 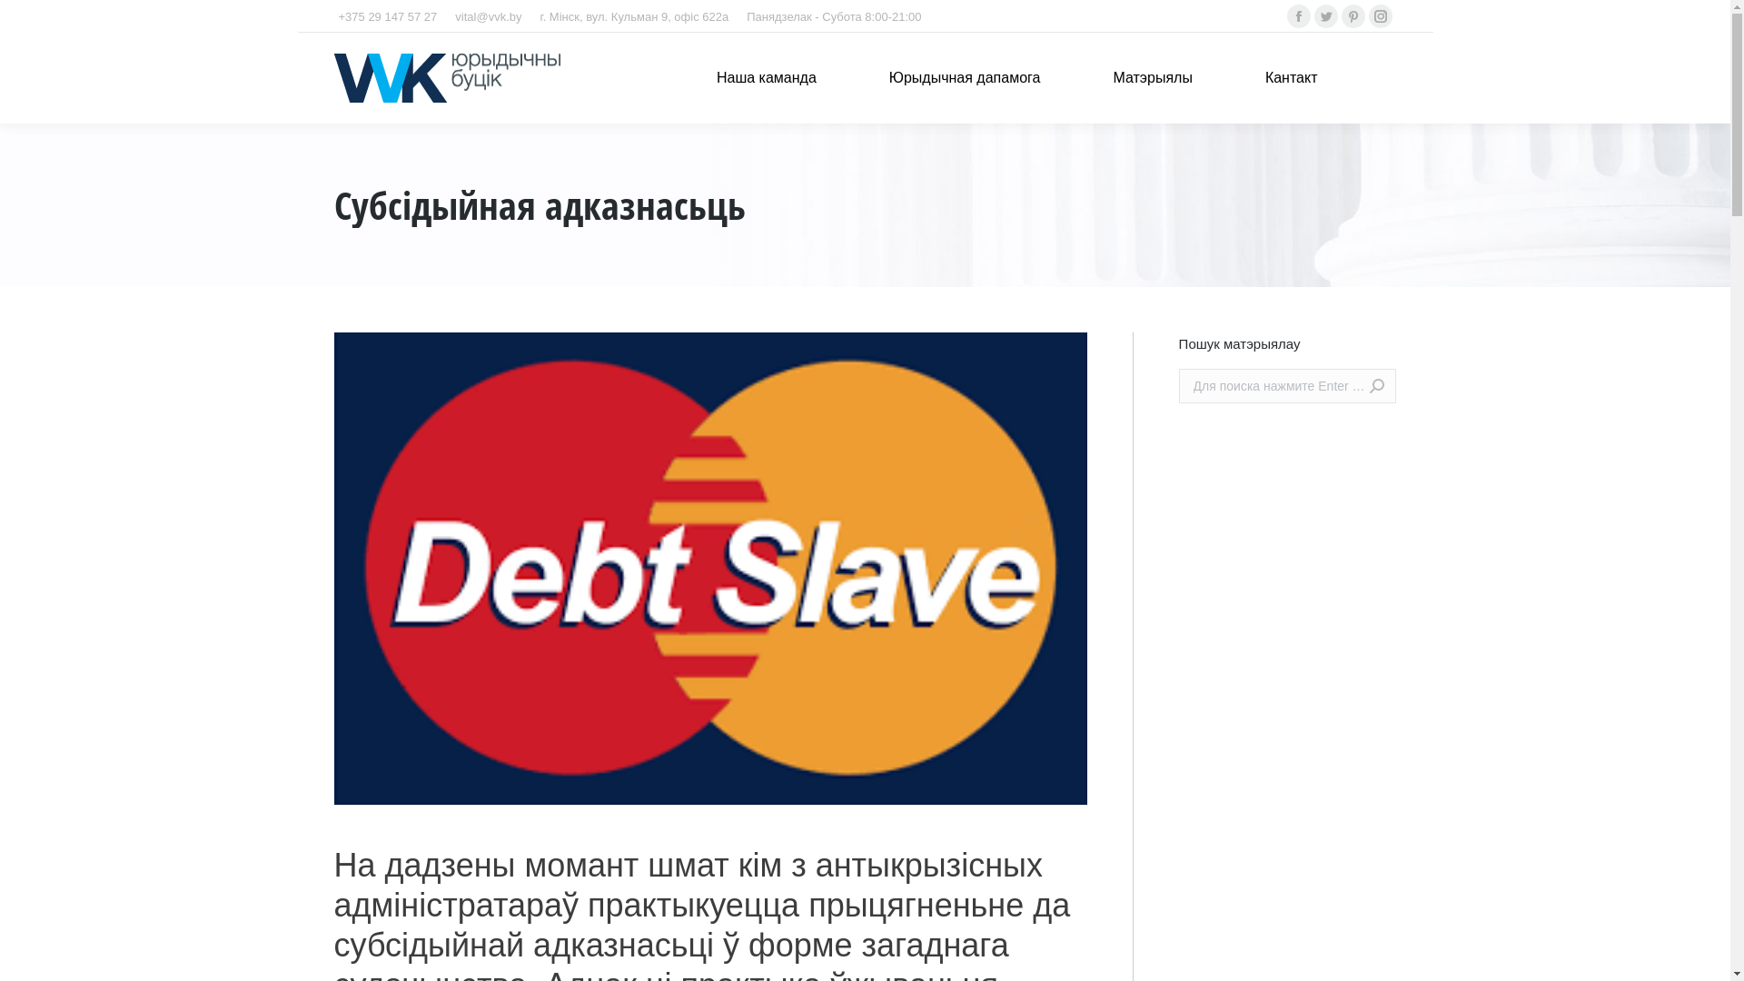 What do you see at coordinates (1381, 16) in the screenshot?
I see `'Instagram'` at bounding box center [1381, 16].